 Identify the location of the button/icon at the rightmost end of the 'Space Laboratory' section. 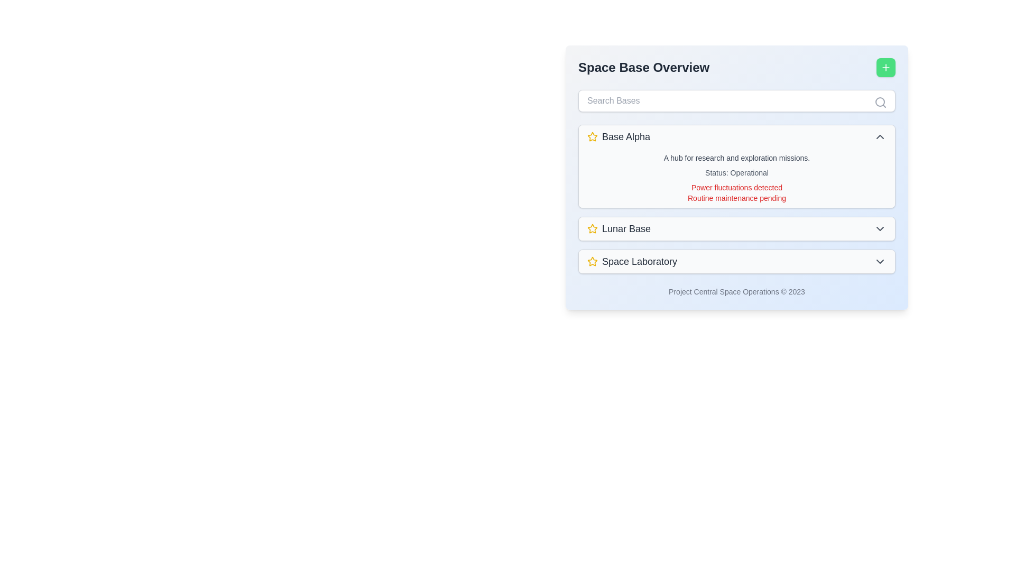
(880, 261).